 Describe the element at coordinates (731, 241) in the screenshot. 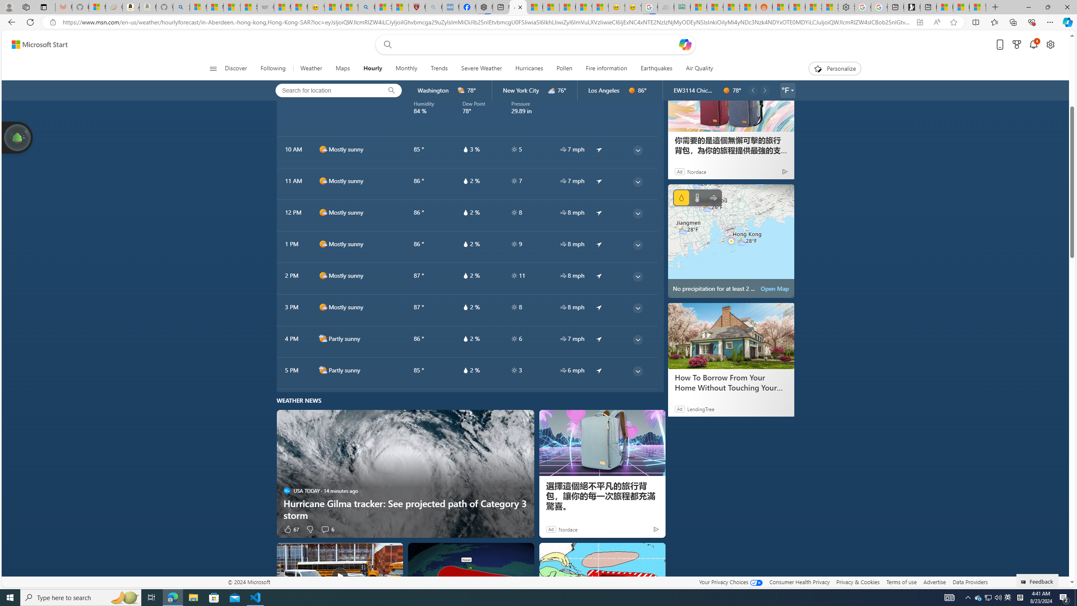

I see `'static map image of vector map'` at that location.